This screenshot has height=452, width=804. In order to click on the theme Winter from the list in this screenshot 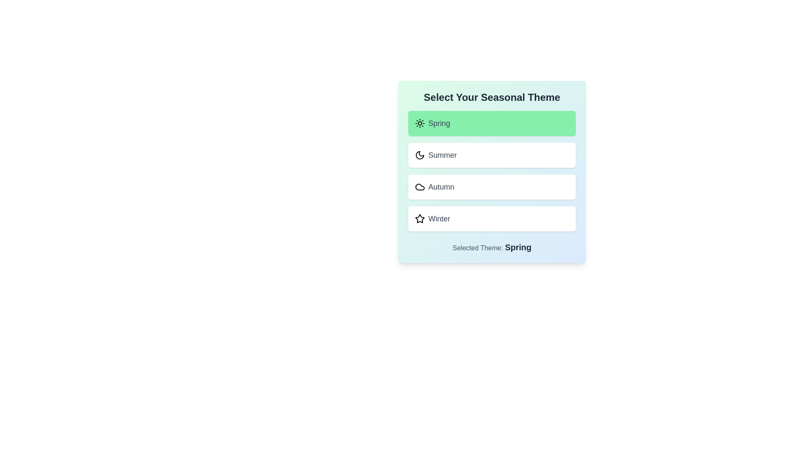, I will do `click(492, 218)`.